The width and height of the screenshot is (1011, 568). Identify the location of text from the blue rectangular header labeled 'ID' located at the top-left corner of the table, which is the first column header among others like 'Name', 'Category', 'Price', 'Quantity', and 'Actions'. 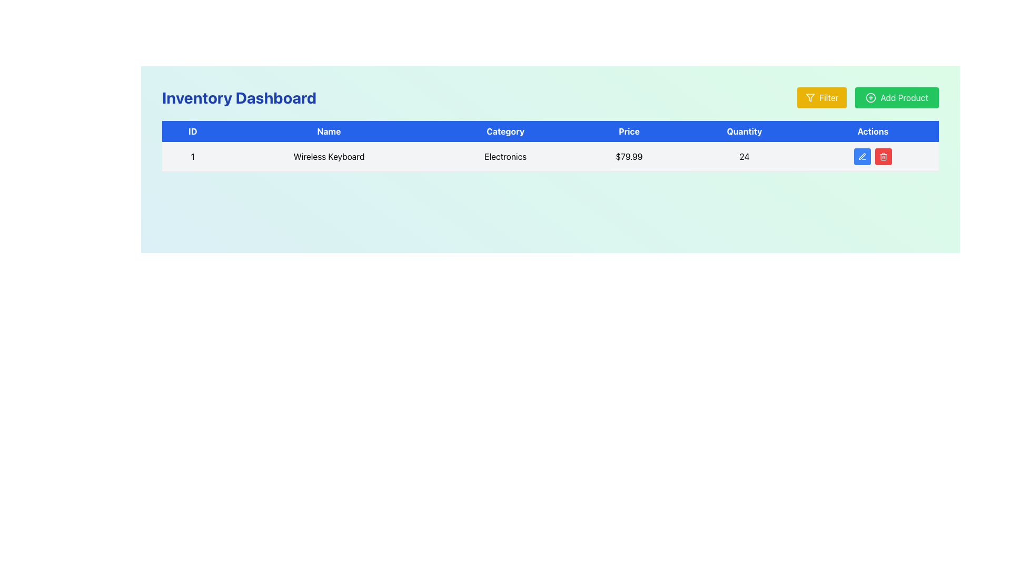
(193, 131).